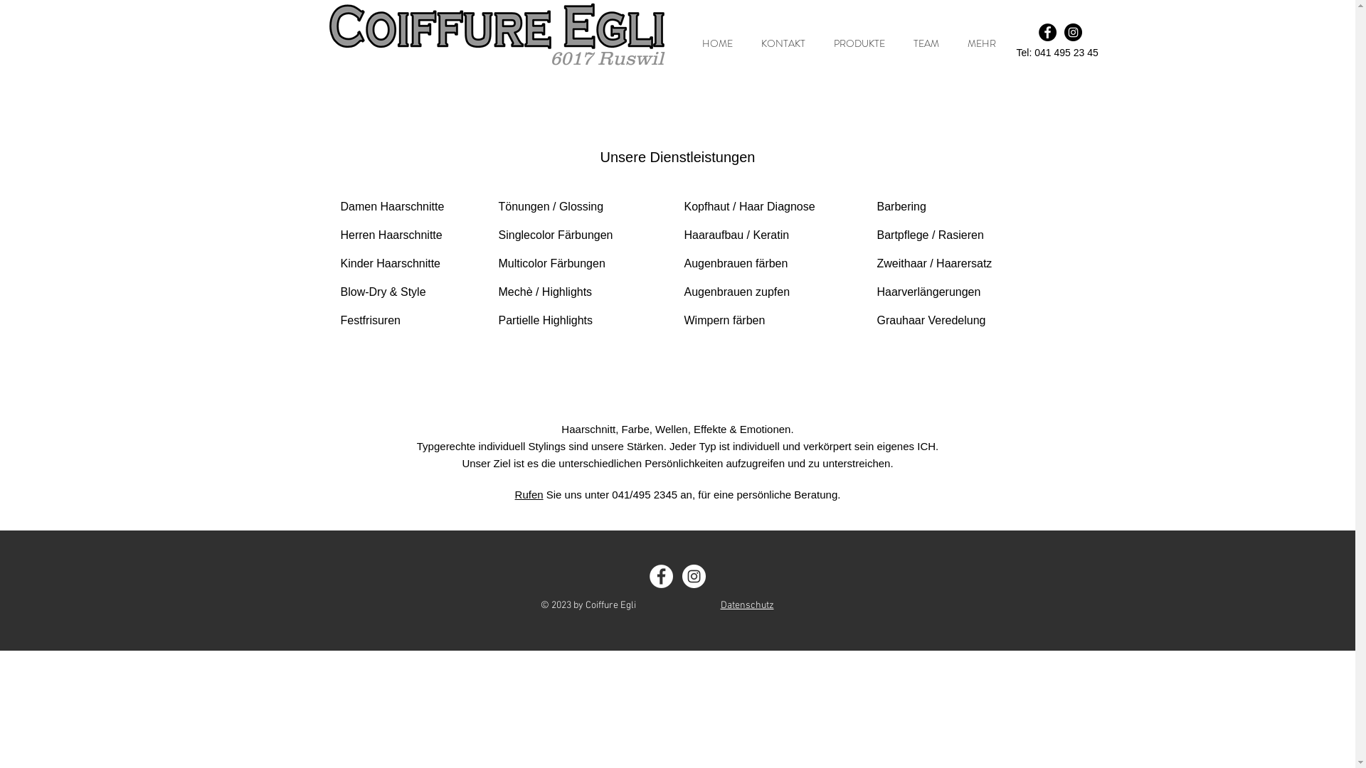 The width and height of the screenshot is (1366, 768). Describe the element at coordinates (497, 26) in the screenshot. I see `'Coiffure Egli 6017 Ruswil'` at that location.